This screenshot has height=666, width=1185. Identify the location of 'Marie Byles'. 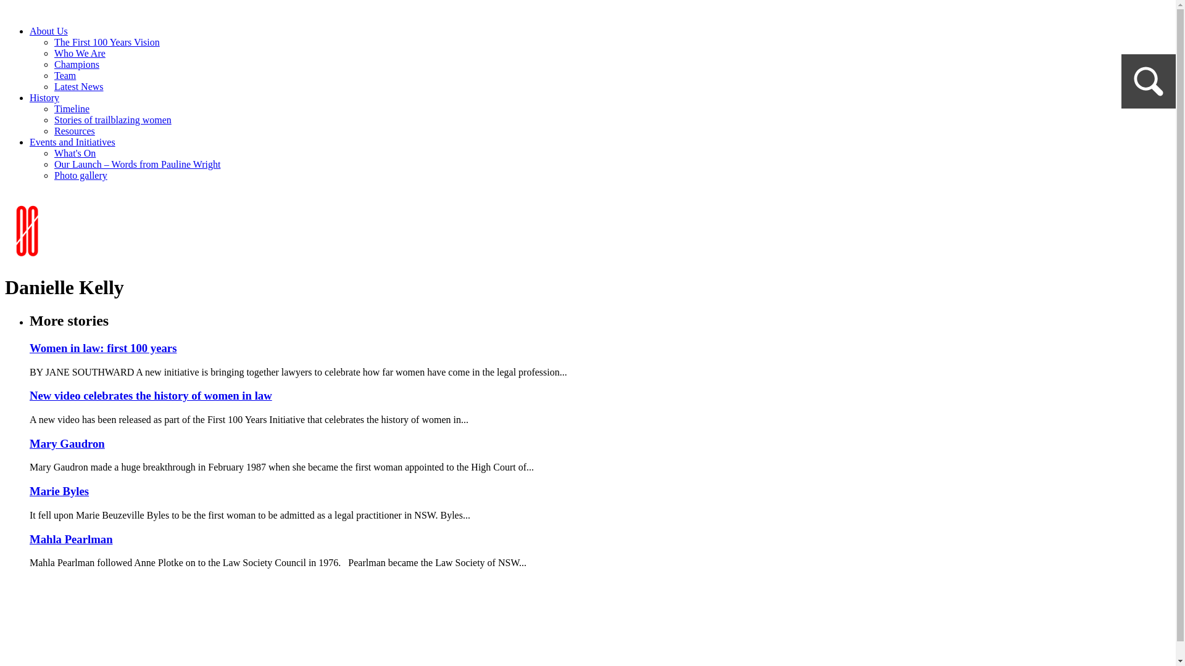
(59, 490).